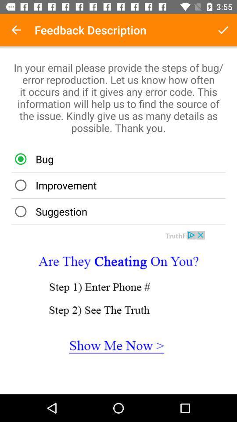 This screenshot has height=422, width=237. I want to click on open advertisement, so click(118, 303).